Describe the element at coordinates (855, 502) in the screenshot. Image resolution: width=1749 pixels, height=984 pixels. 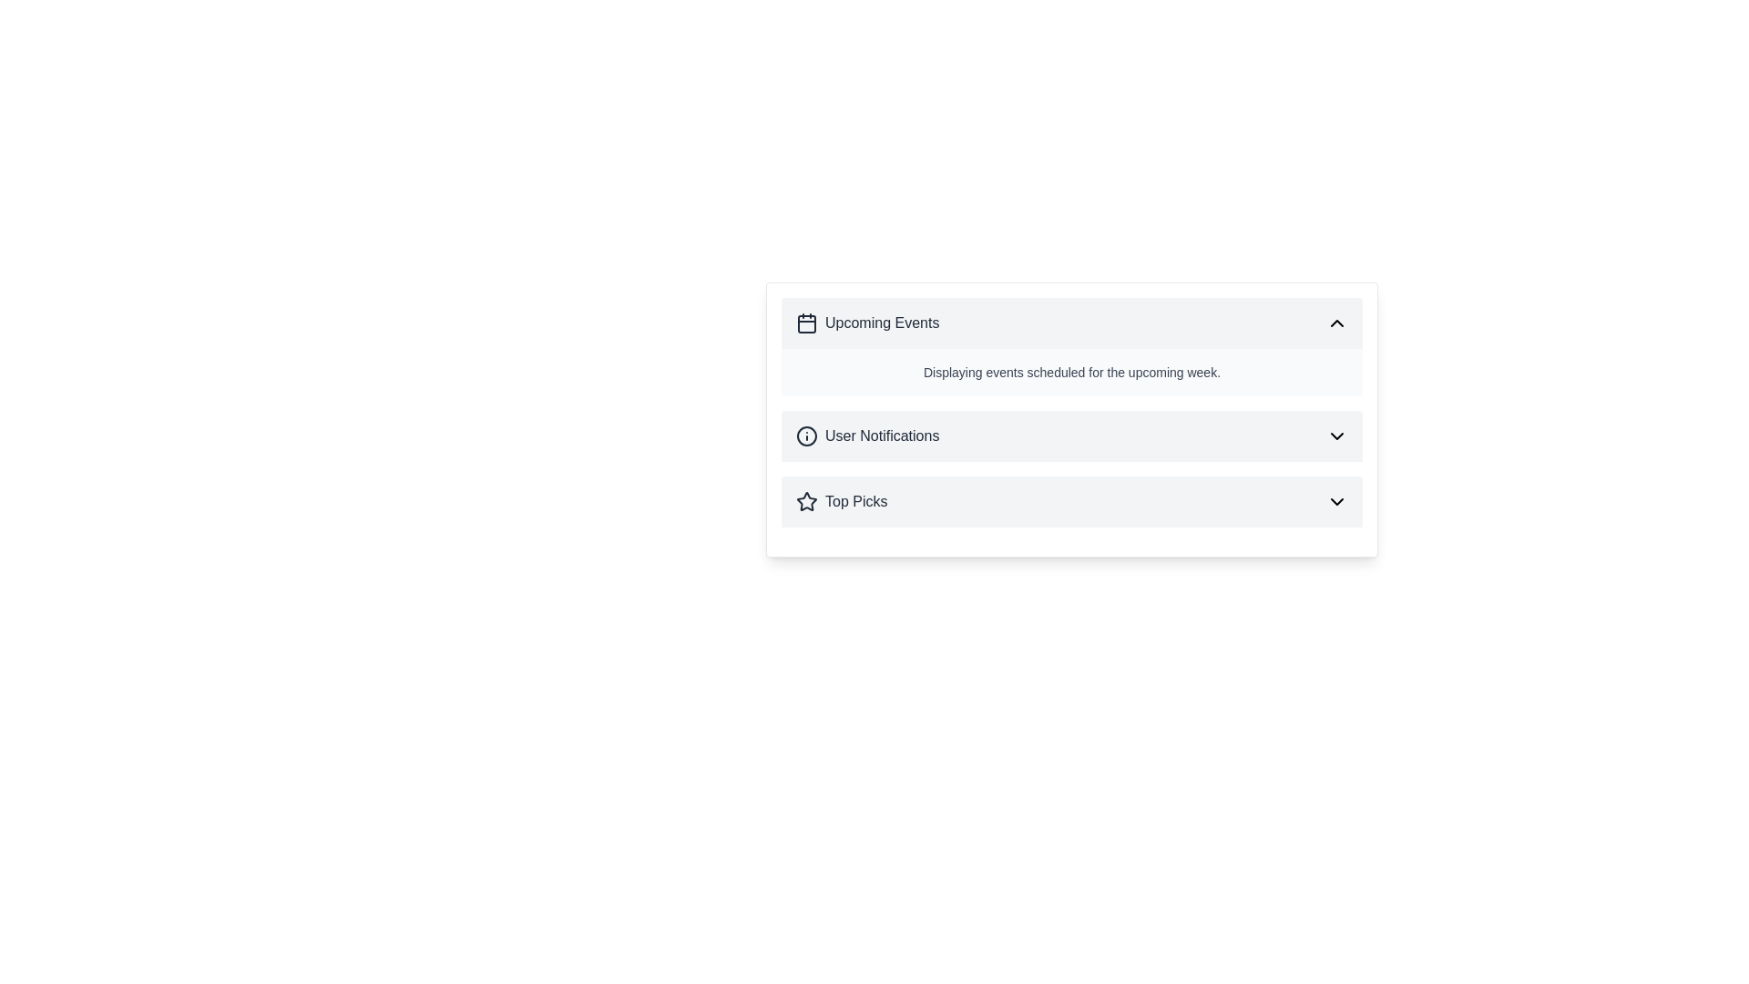
I see `text of the 'Top Picks' label, which is styled with a bold, medium font size and is positioned to the bottom right of the interface after a star-shaped icon` at that location.